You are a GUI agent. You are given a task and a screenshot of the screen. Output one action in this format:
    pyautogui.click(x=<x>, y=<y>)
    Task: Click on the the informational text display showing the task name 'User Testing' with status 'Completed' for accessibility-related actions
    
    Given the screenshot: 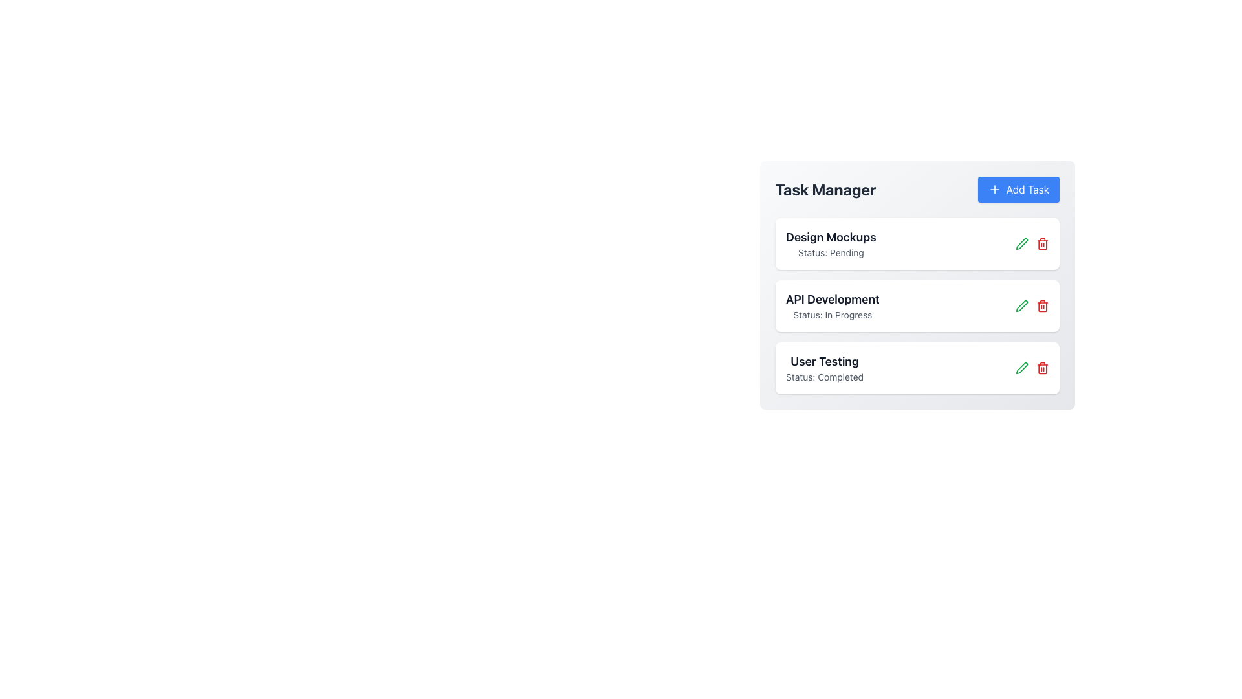 What is the action you would take?
    pyautogui.click(x=824, y=368)
    